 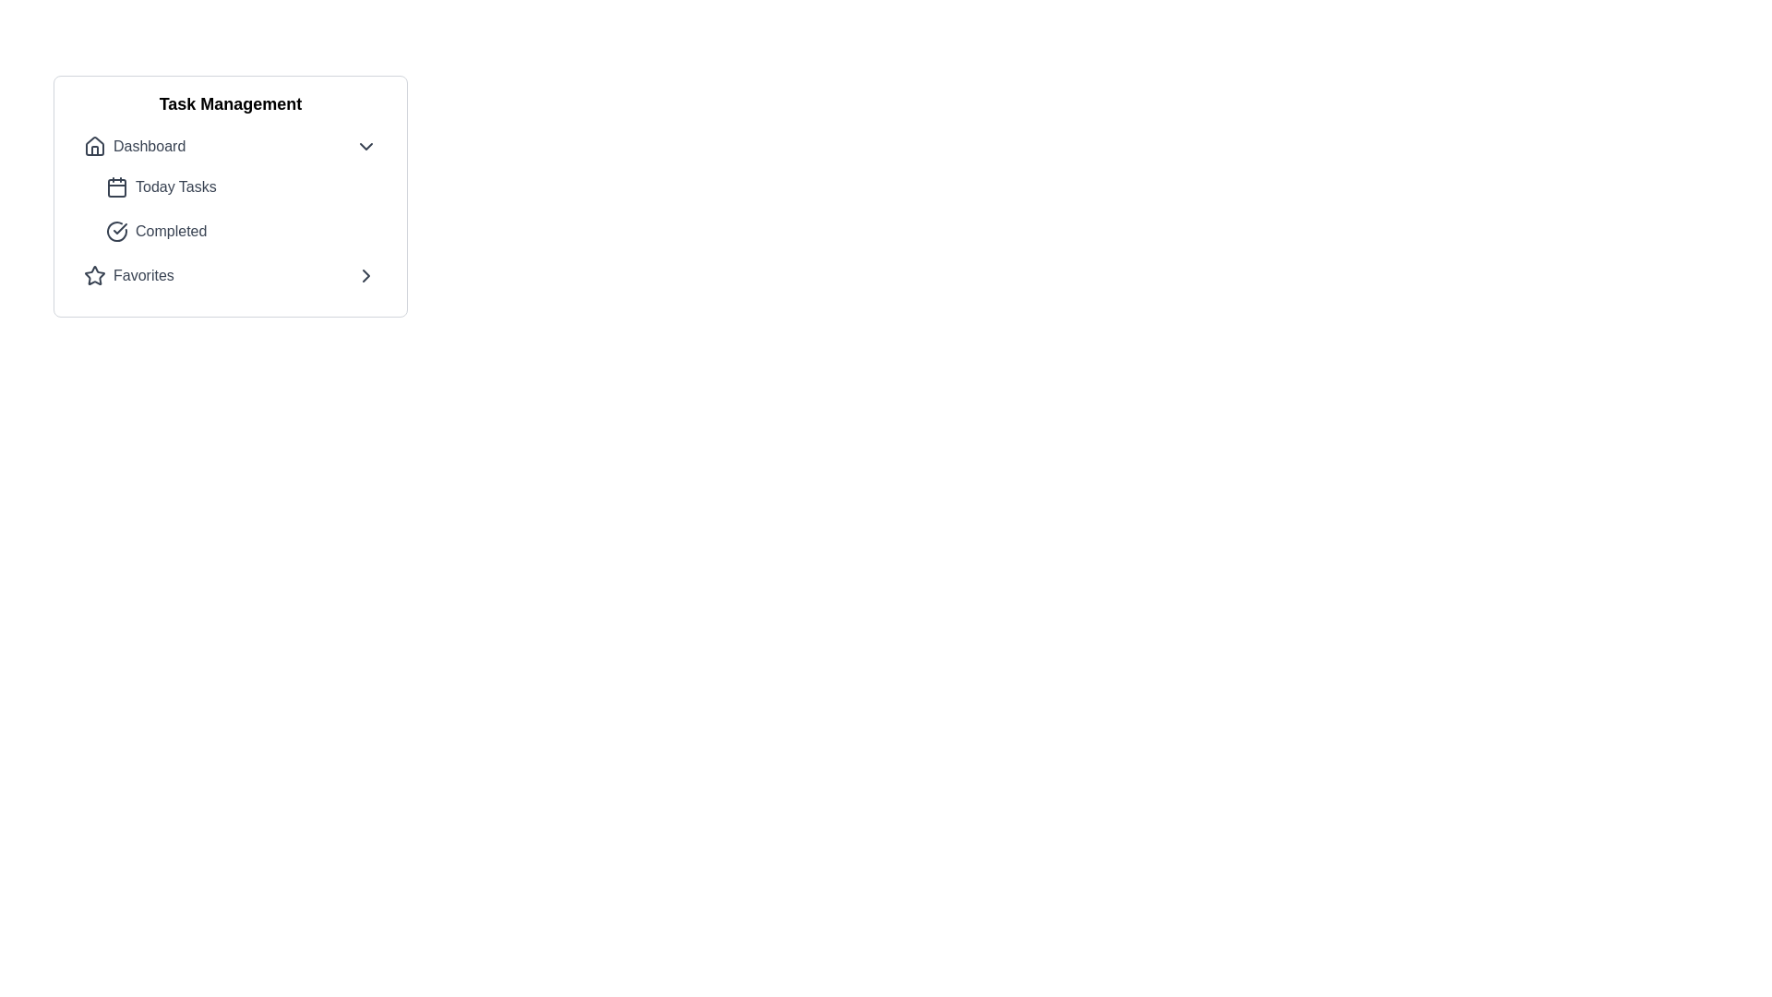 What do you see at coordinates (115, 230) in the screenshot?
I see `the decorative and informative Icon indicating the 'Completed' section in the Task Management menu to potentially trigger navigation` at bounding box center [115, 230].